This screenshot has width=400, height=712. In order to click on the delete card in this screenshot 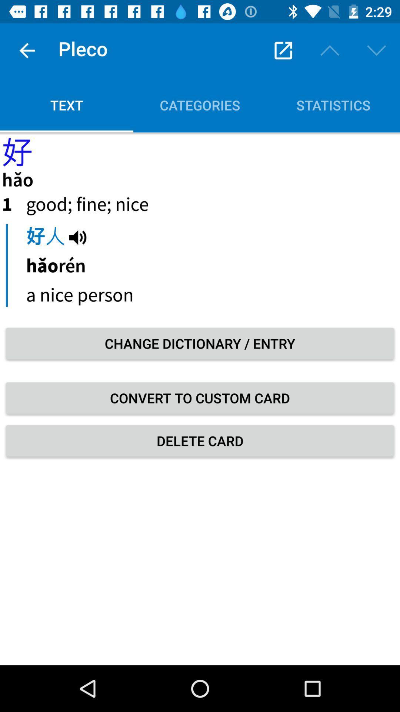, I will do `click(200, 441)`.